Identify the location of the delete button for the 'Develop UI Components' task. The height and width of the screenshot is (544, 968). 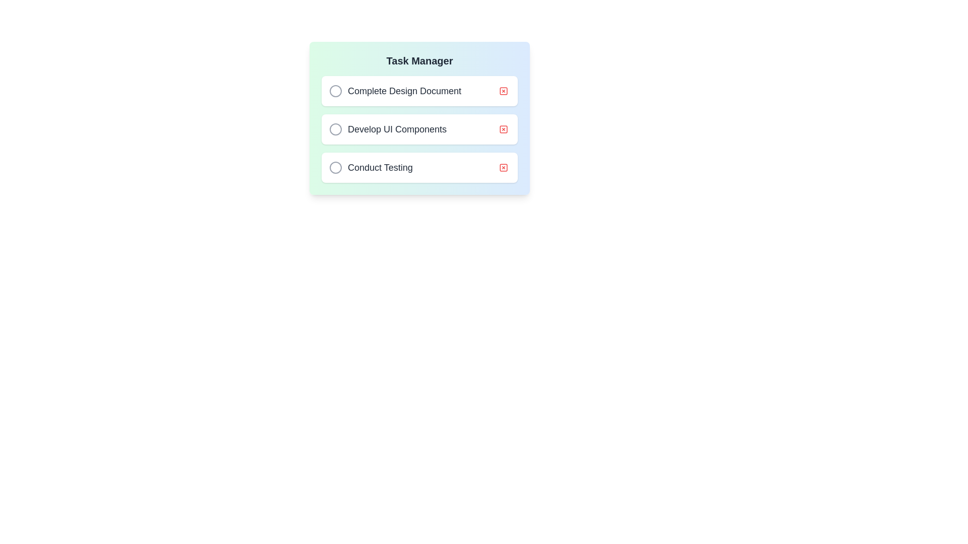
(503, 129).